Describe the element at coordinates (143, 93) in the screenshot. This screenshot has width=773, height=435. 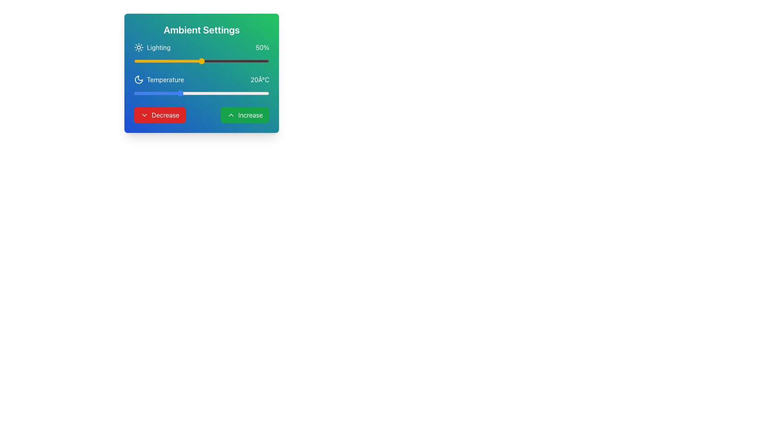
I see `the temperature` at that location.